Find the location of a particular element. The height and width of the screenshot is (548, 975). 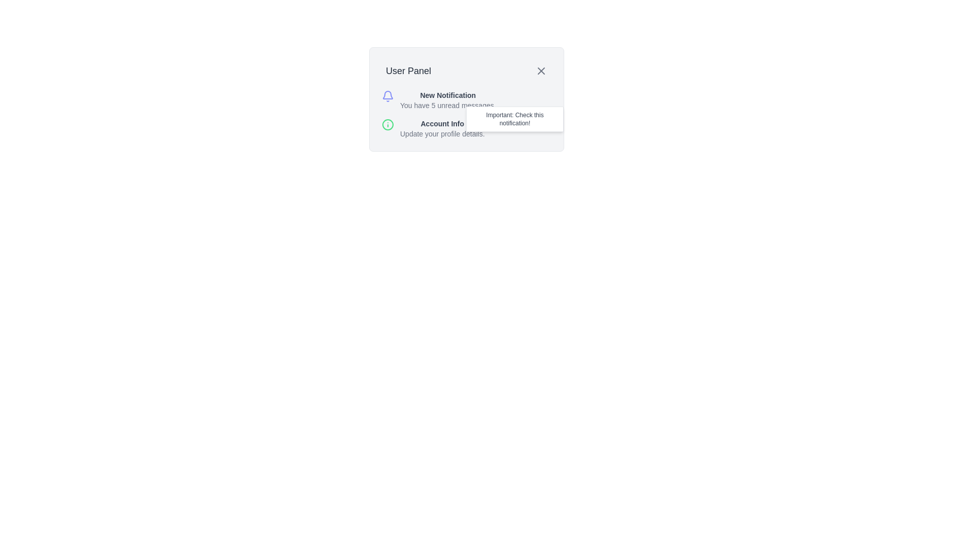

text displayed in the Text Label that serves as a title for new updates or messages in the User Panel, located under the bell icon is located at coordinates (447, 95).